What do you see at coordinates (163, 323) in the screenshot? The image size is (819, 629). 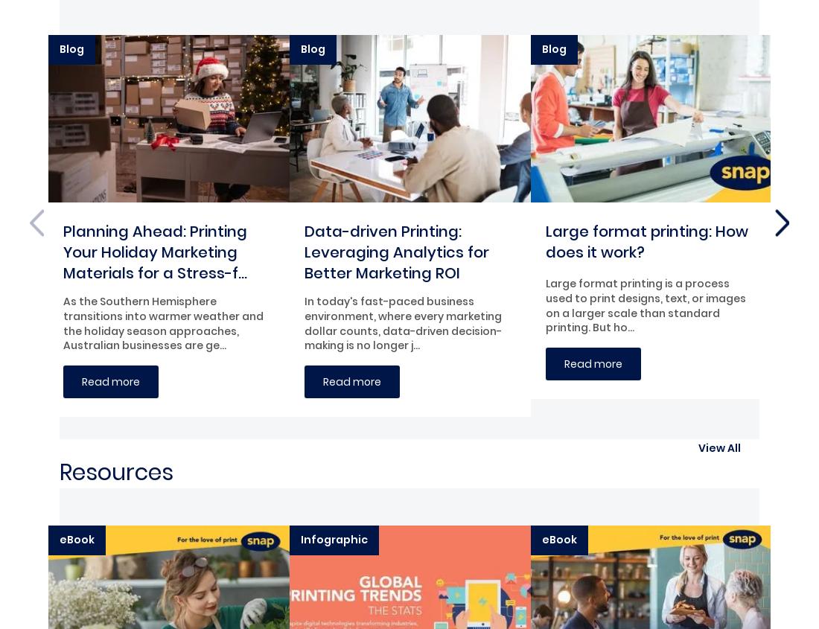 I see `'As the Southern Hemisphere transitions into warmer weather and the holiday season approaches, Australian businesses are ge...'` at bounding box center [163, 323].